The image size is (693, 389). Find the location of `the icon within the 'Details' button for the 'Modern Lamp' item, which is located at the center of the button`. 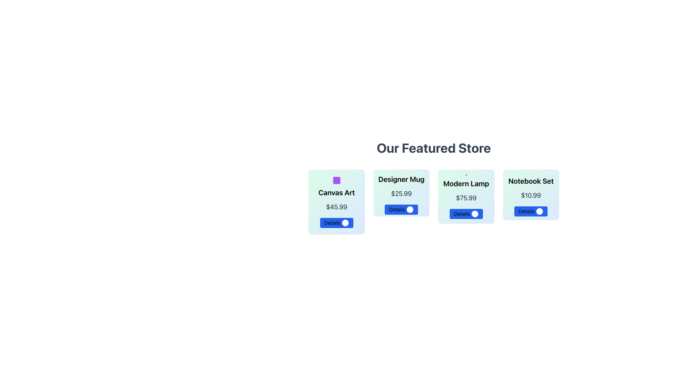

the icon within the 'Details' button for the 'Modern Lamp' item, which is located at the center of the button is located at coordinates (475, 214).